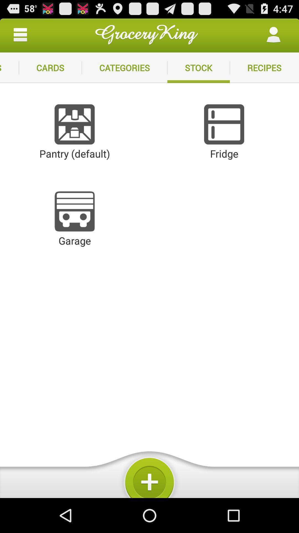  What do you see at coordinates (50, 67) in the screenshot?
I see `item next to lists icon` at bounding box center [50, 67].